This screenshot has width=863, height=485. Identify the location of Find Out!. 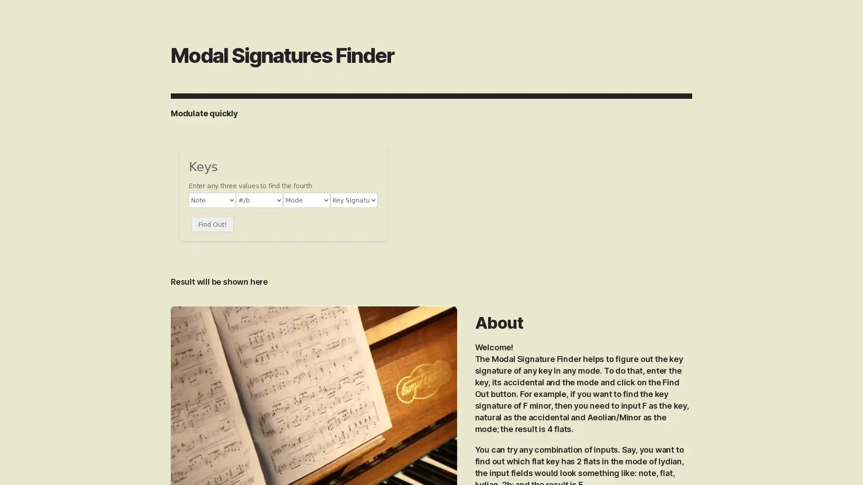
(212, 224).